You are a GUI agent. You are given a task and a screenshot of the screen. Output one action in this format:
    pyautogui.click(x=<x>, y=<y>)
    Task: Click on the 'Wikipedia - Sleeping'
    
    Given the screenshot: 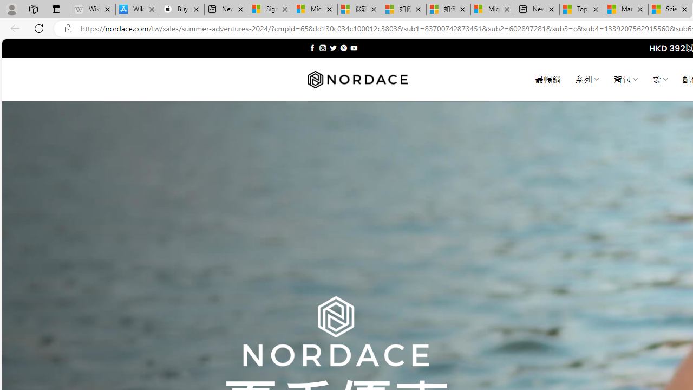 What is the action you would take?
    pyautogui.click(x=93, y=9)
    